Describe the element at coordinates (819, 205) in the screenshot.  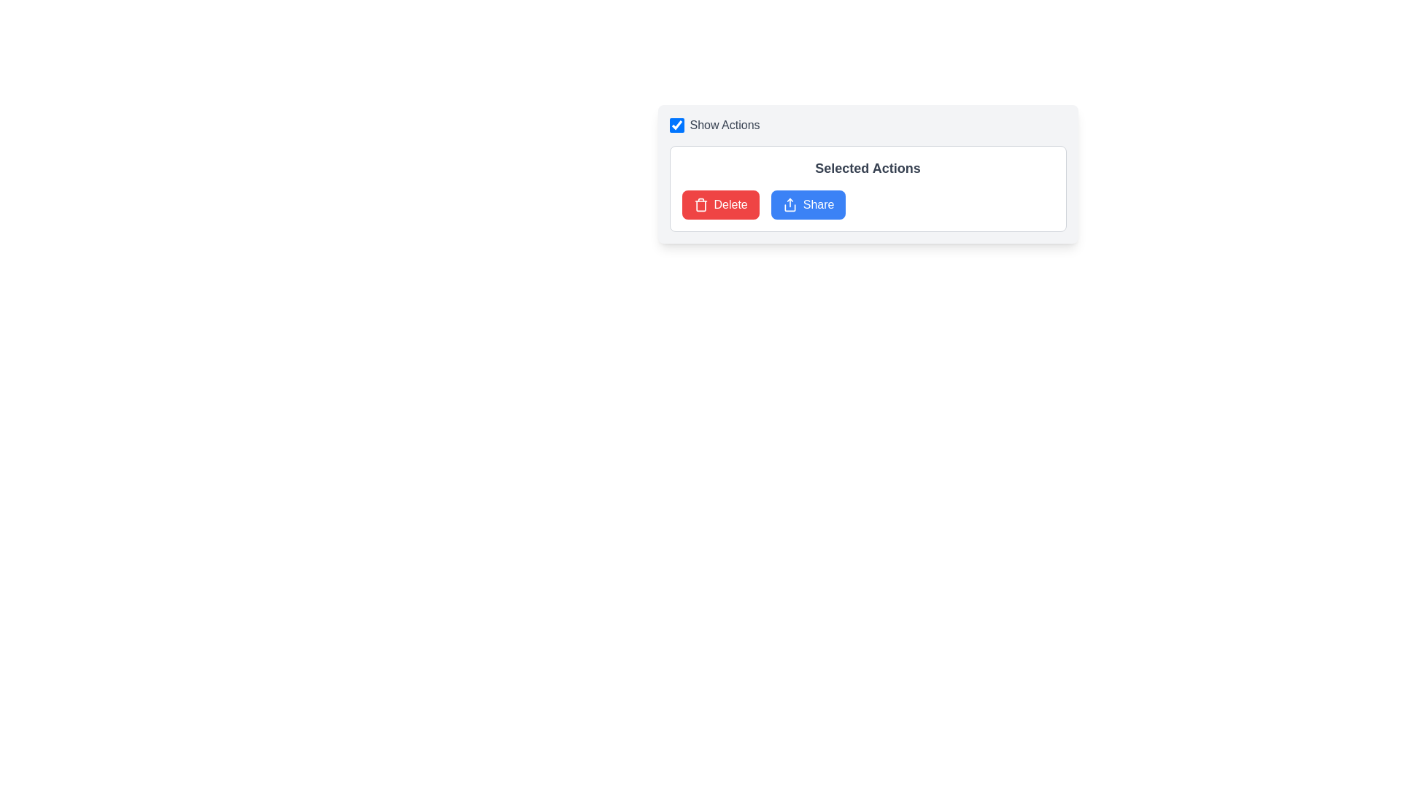
I see `the 'Share' button, which is a blue button with white text and a sharing icon, located in the lower right section of the 'Selected Actions' area` at that location.